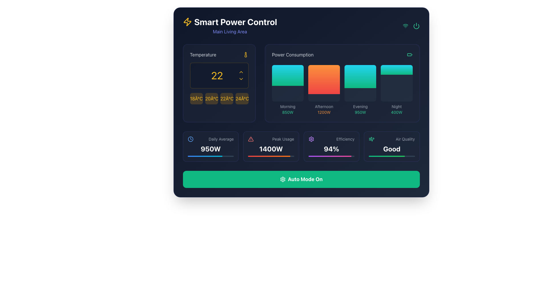 The height and width of the screenshot is (308, 548). Describe the element at coordinates (301, 179) in the screenshot. I see `the prominently styled green button labeled 'Auto Mode On' with a gear icon` at that location.